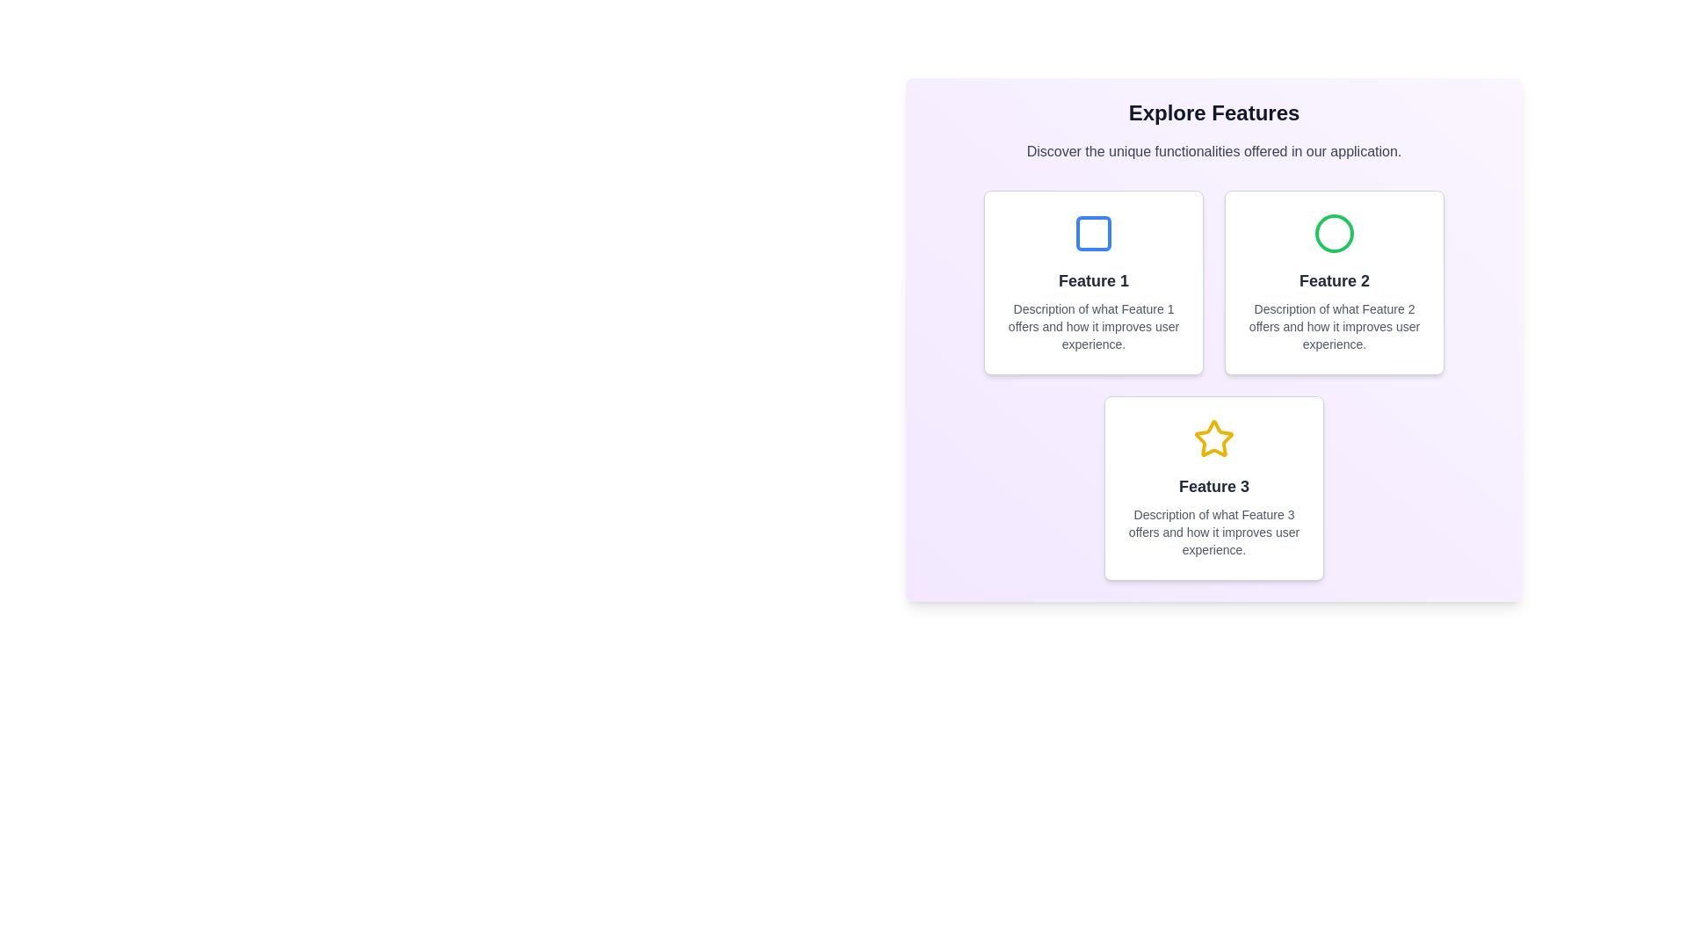 This screenshot has width=1687, height=949. Describe the element at coordinates (1092, 281) in the screenshot. I see `the Informative card that presents information about a specific feature of the application, located at the center top of the layout, to the left of 'Feature 2' and above 'Feature 3'` at that location.